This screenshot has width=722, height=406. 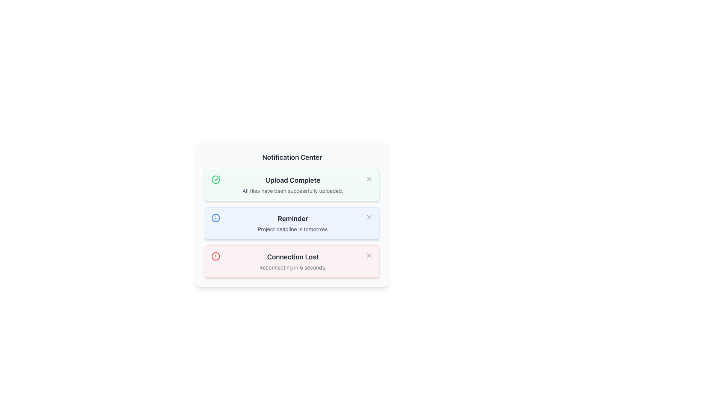 What do you see at coordinates (292, 185) in the screenshot?
I see `the Notification card indicating successful file uploads, which has a green background and a checkmark icon, located at the top of the notification group` at bounding box center [292, 185].